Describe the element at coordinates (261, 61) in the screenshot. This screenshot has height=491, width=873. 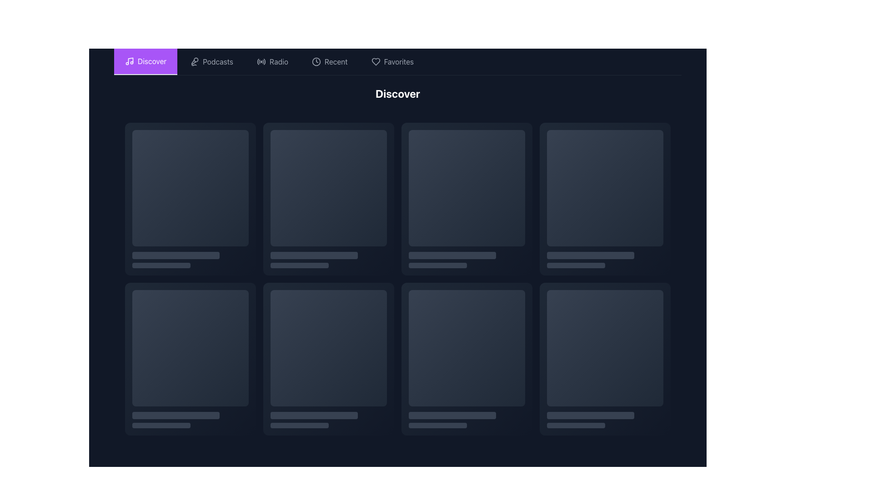
I see `the circular radio icon labeled 'Radio' in the navigation bar` at that location.